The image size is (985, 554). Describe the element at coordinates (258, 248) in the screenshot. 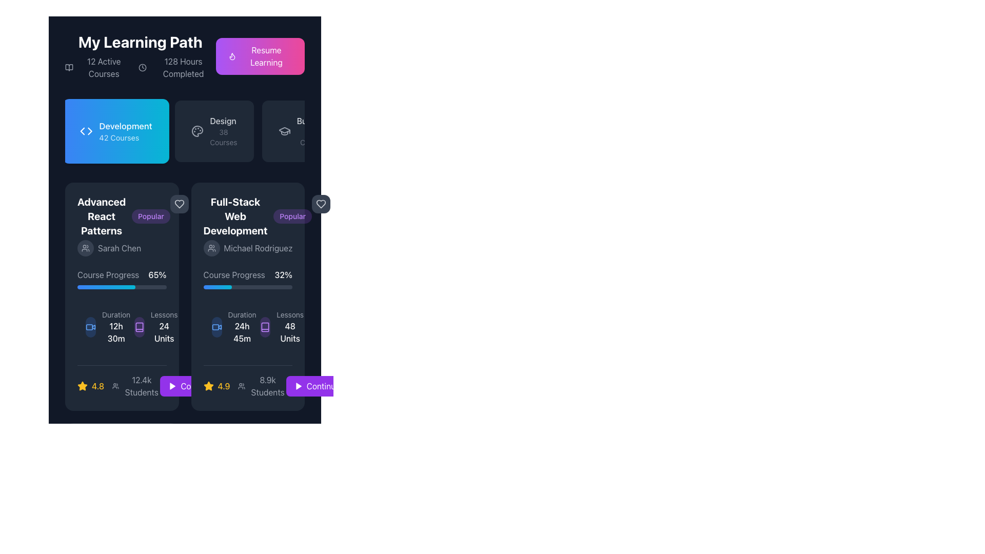

I see `the text label identifying the instructor associated with the 'Full-Stack Web Development' course, located in the second column of the course cards section, positioned below the icon and above the 'Course Progress' bar` at that location.